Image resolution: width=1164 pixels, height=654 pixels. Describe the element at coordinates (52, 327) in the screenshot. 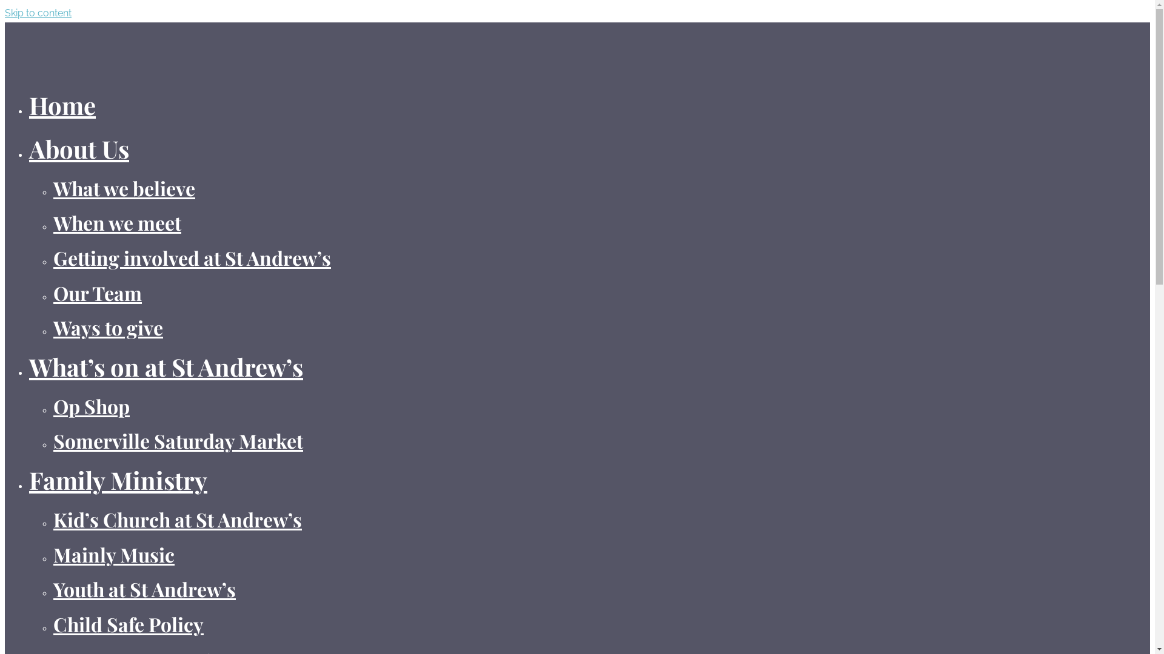

I see `'Ways to give'` at that location.